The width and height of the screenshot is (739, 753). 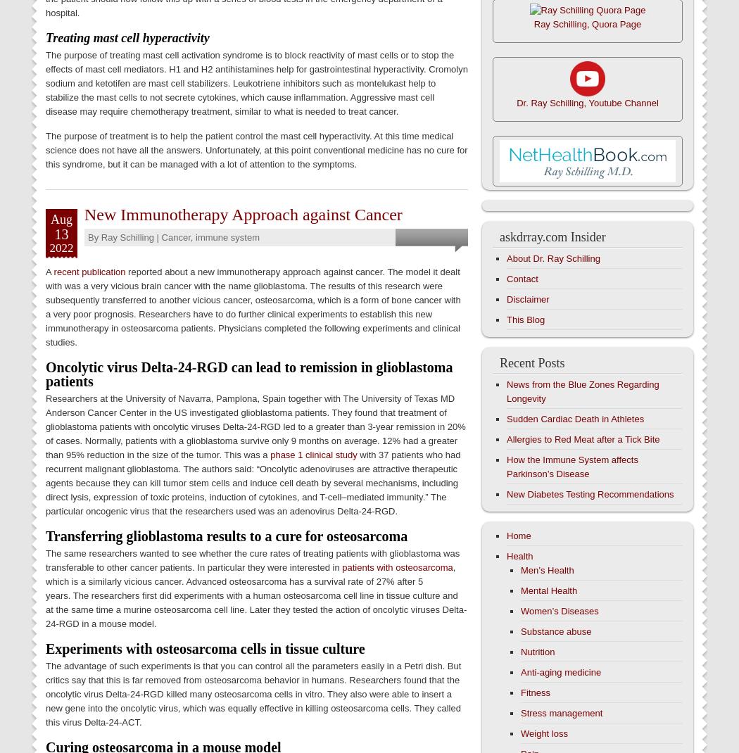 What do you see at coordinates (175, 236) in the screenshot?
I see `'Cancer'` at bounding box center [175, 236].